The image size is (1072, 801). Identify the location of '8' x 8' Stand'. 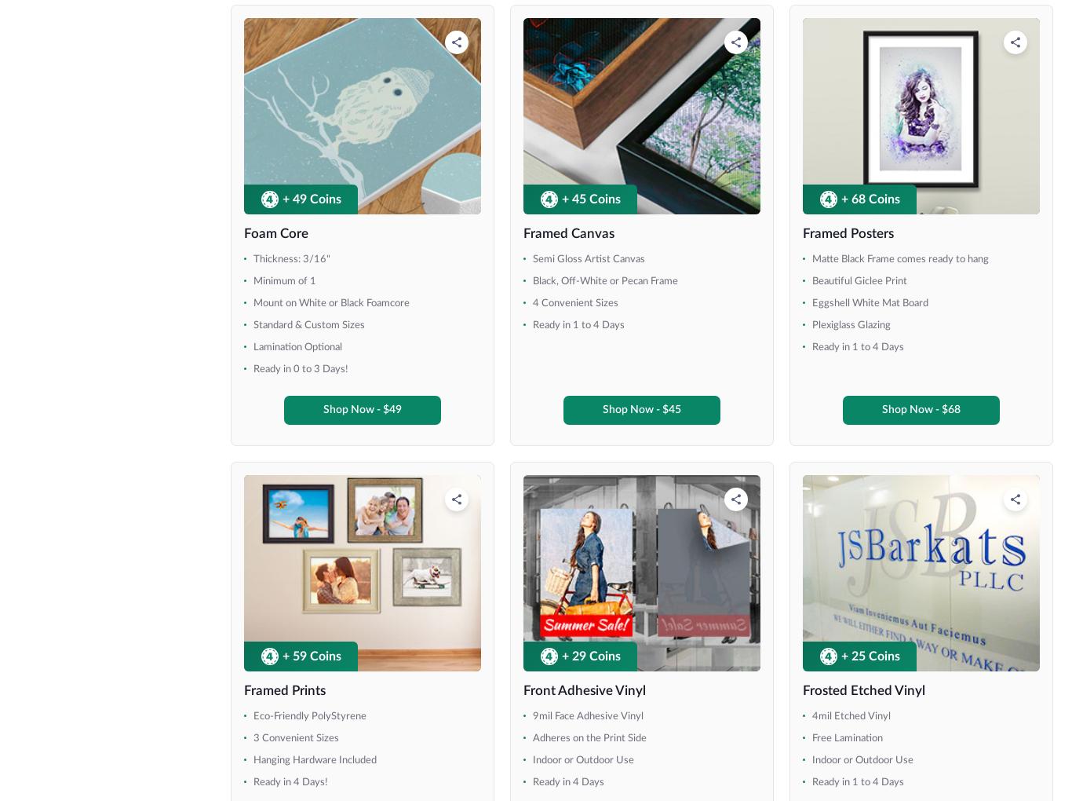
(72, 123).